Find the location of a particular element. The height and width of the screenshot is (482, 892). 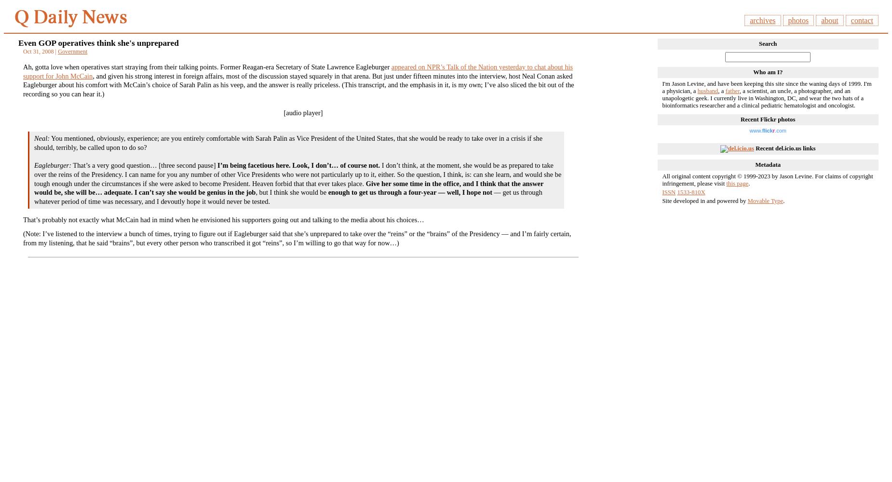

'1533-810X' is located at coordinates (691, 192).